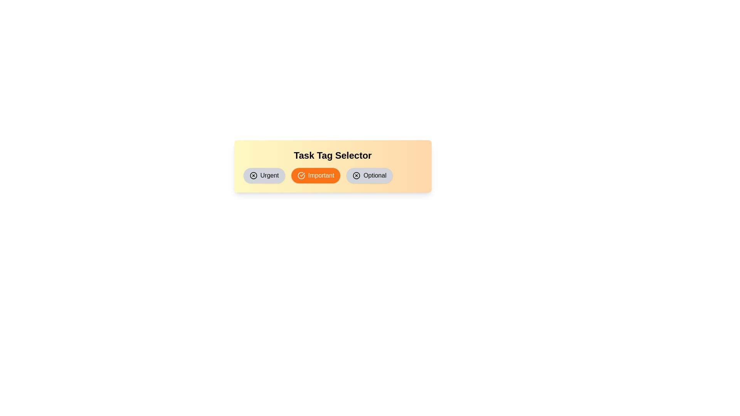 This screenshot has height=416, width=740. I want to click on the tag labeled Urgent, so click(264, 175).